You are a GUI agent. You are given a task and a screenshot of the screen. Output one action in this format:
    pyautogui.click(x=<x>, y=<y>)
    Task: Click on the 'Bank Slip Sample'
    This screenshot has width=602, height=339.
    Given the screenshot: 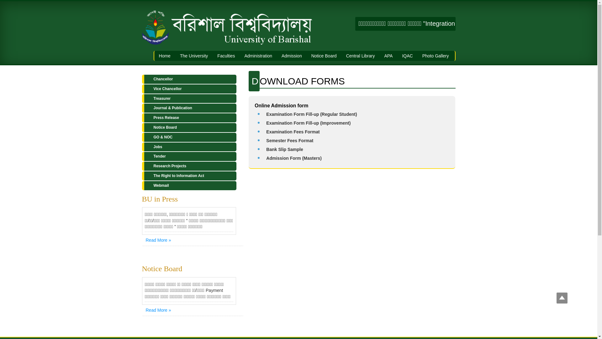 What is the action you would take?
    pyautogui.click(x=284, y=149)
    